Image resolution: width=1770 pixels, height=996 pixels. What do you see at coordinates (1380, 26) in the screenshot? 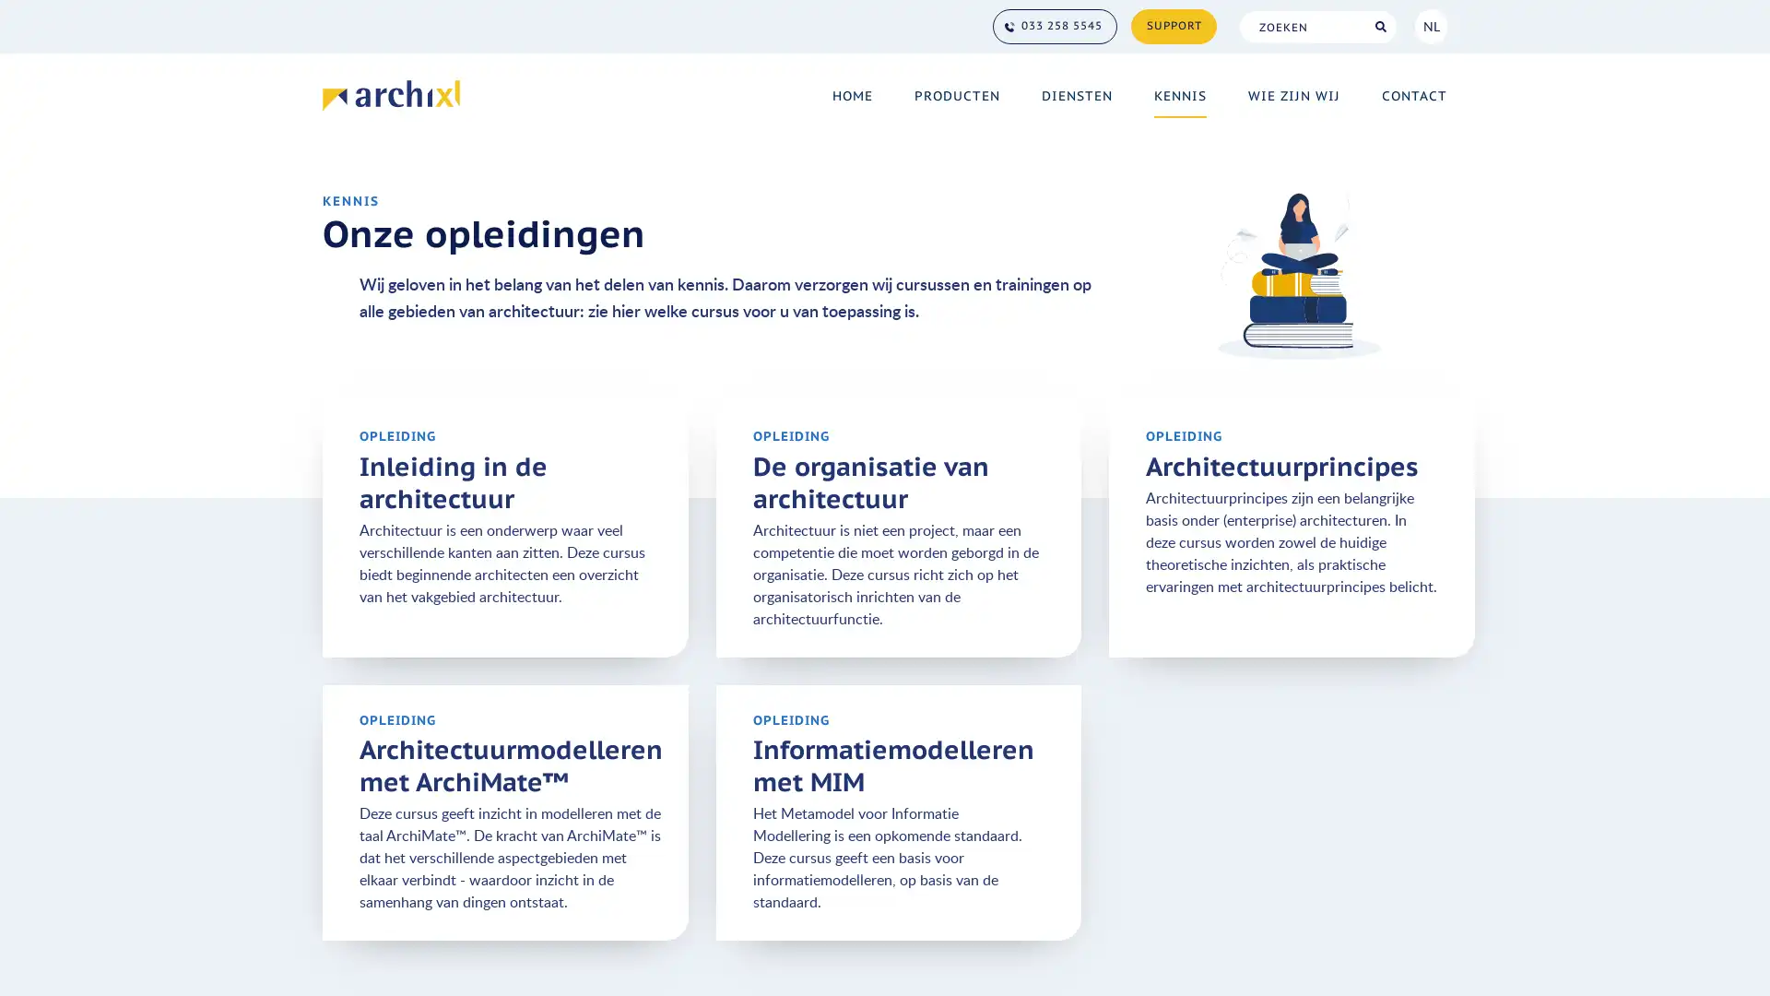
I see `Search` at bounding box center [1380, 26].